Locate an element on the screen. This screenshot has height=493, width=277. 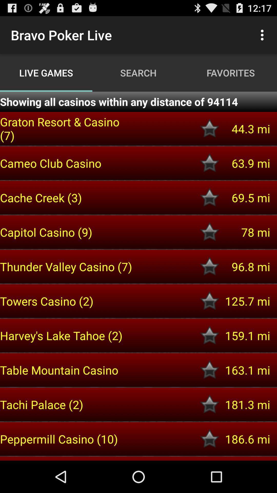
capitol casino is located at coordinates (210, 232).